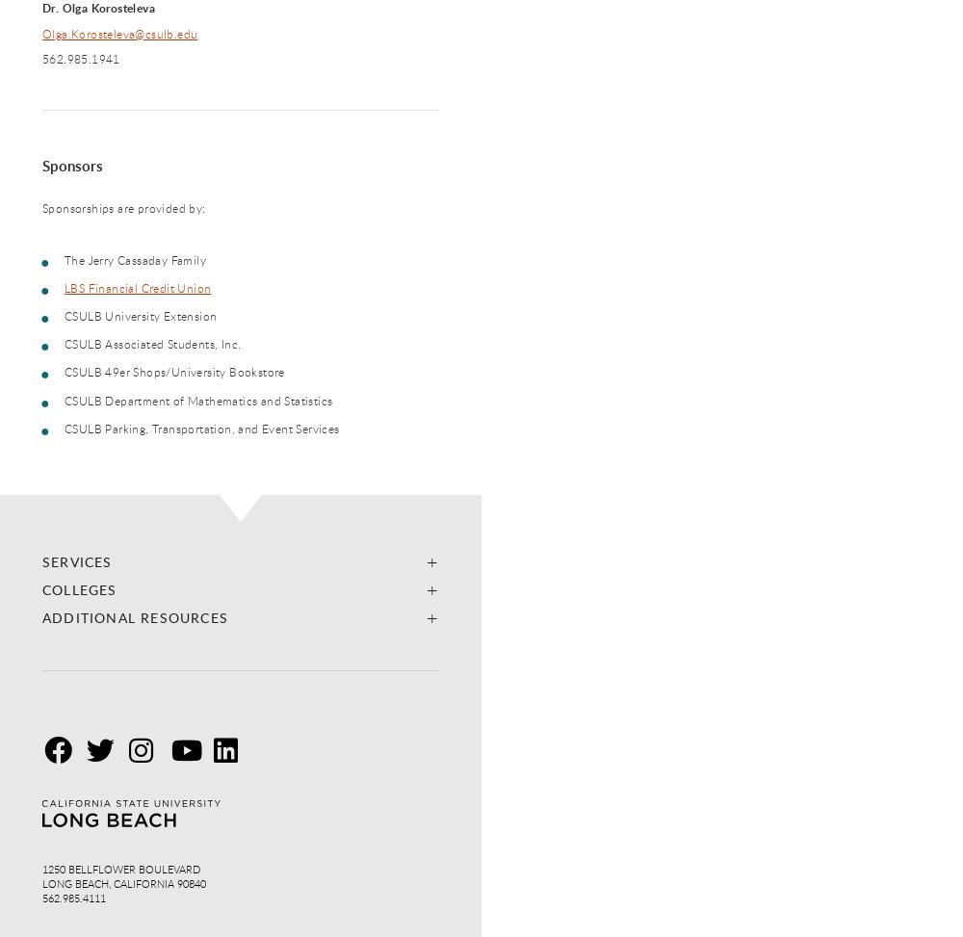  What do you see at coordinates (64, 427) in the screenshot?
I see `'CSULB Parking, Transportation, and Event Services'` at bounding box center [64, 427].